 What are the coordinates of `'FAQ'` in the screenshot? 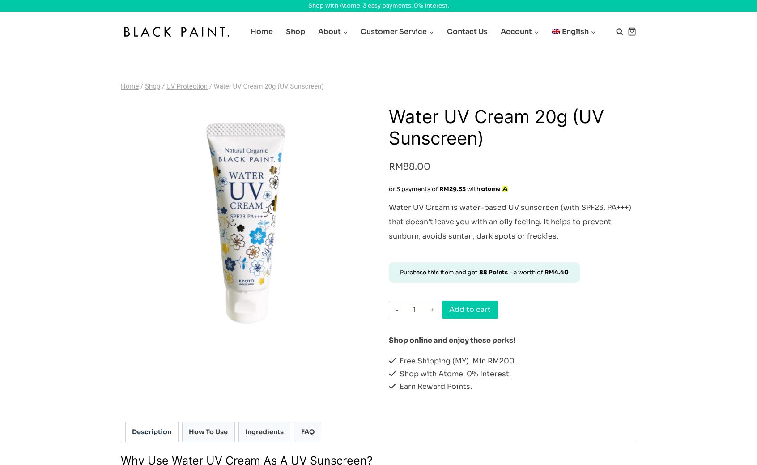 It's located at (307, 432).